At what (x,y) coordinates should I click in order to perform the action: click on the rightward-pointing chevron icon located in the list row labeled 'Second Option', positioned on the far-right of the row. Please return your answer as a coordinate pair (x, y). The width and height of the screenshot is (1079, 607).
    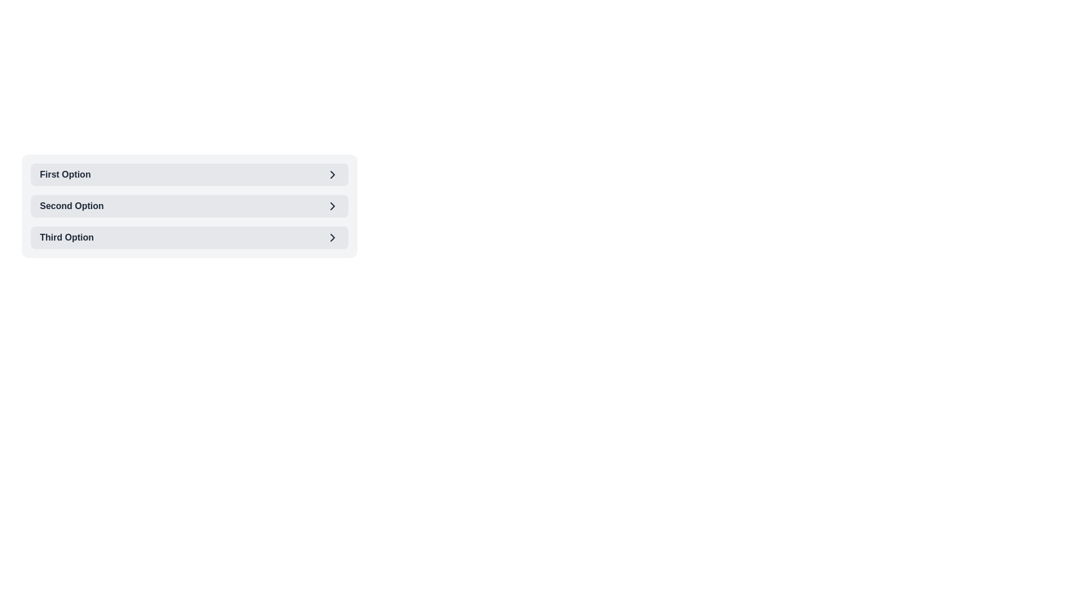
    Looking at the image, I should click on (332, 206).